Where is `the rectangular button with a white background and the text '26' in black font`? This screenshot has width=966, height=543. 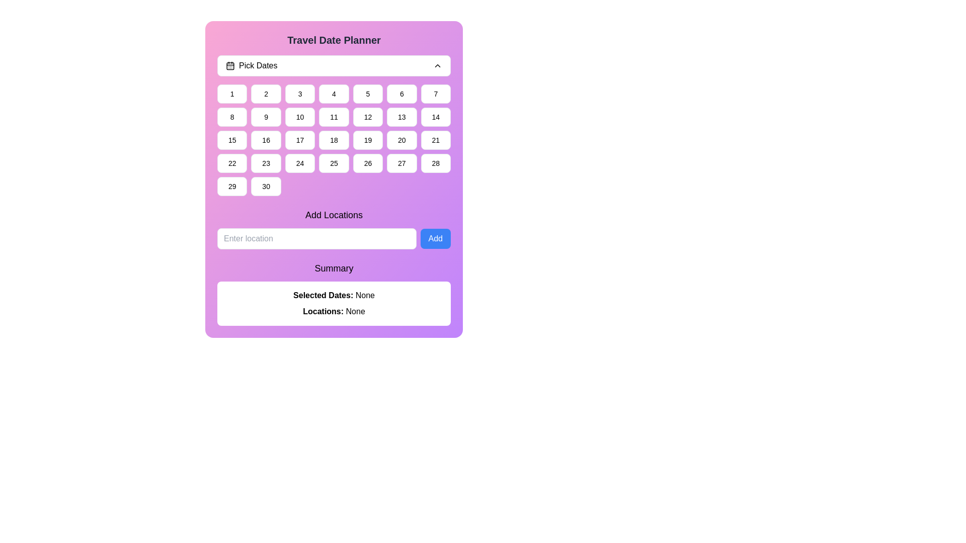 the rectangular button with a white background and the text '26' in black font is located at coordinates (367, 162).